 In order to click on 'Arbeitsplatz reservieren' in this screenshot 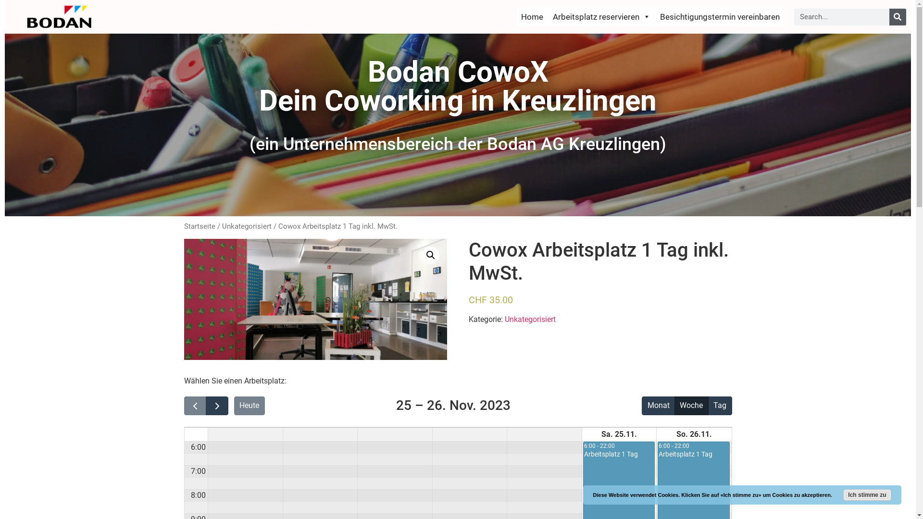, I will do `click(601, 16)`.